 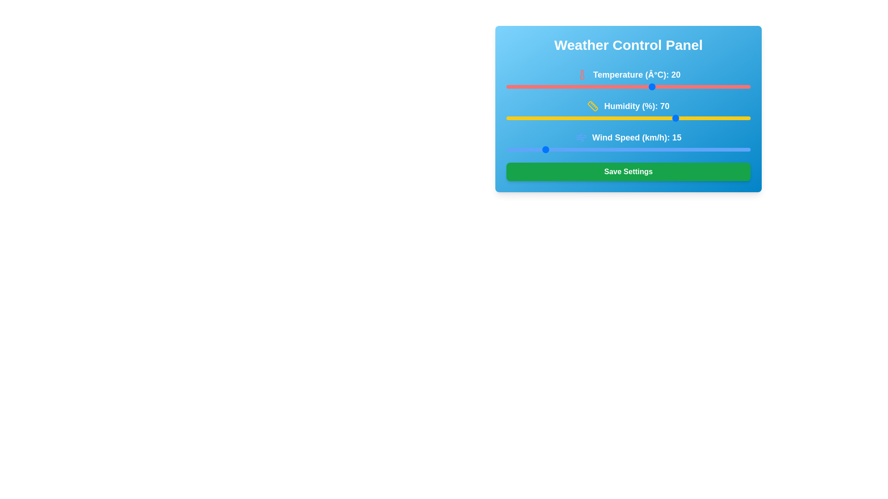 I want to click on the temperature slider, so click(x=657, y=87).